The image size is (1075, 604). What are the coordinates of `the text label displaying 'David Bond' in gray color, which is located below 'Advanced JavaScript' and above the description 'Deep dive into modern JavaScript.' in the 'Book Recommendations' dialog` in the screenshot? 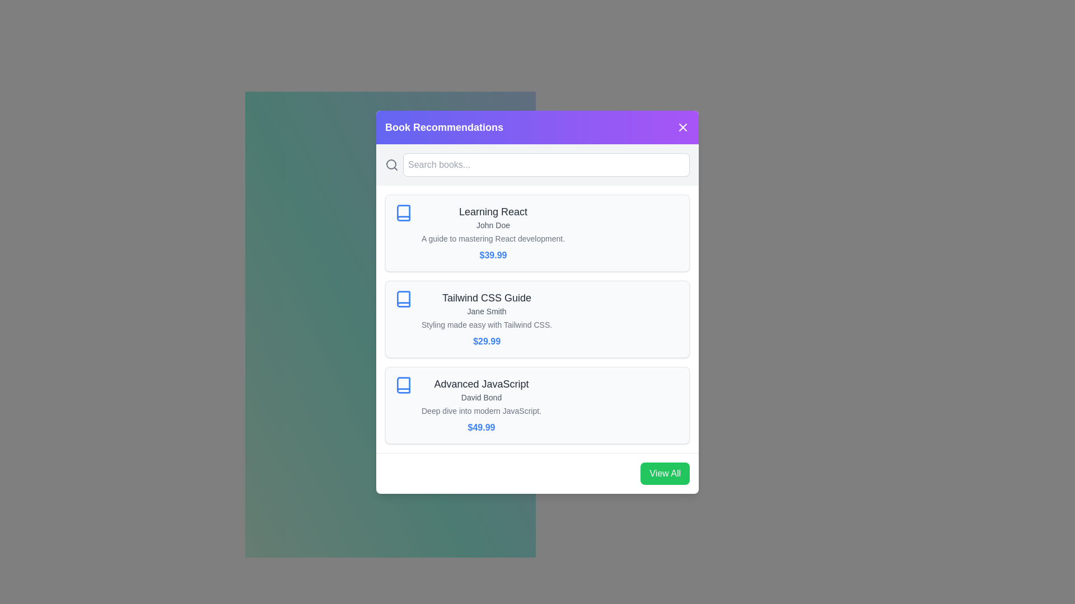 It's located at (481, 397).